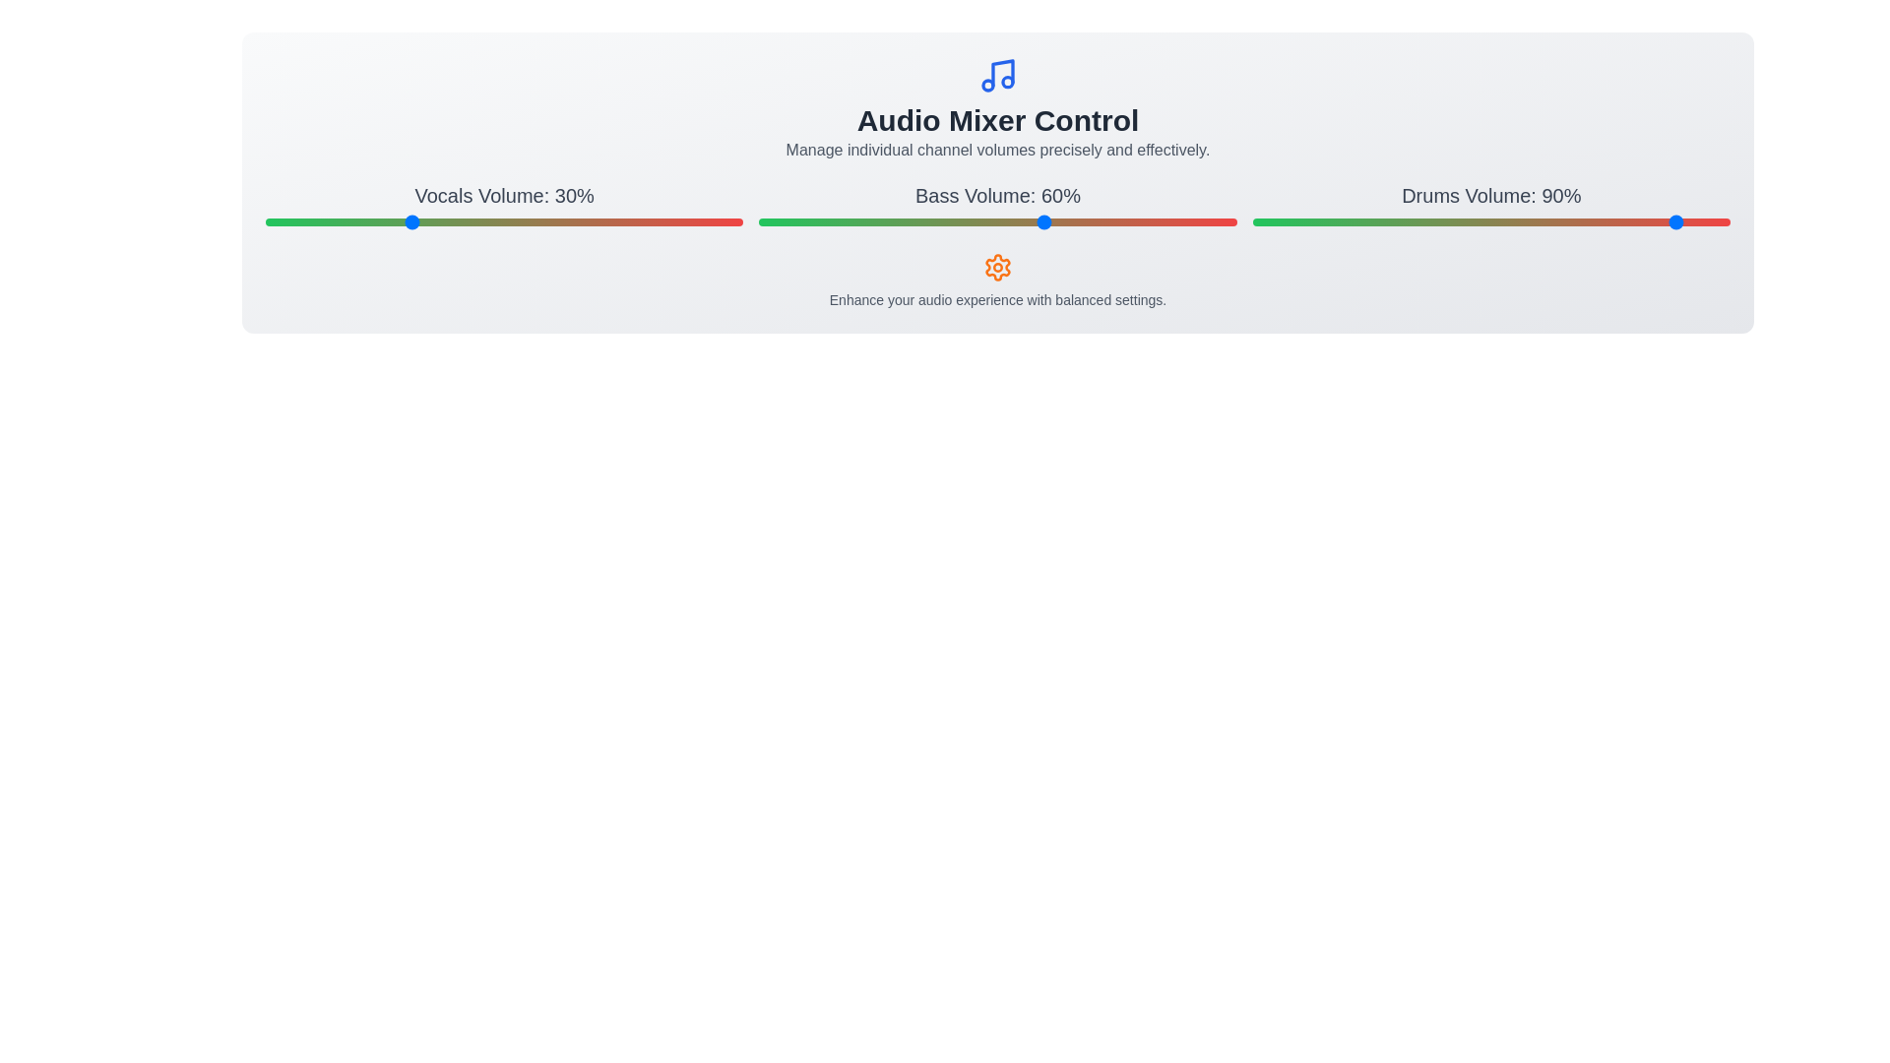 Image resolution: width=1890 pixels, height=1063 pixels. I want to click on the 'Vocals' volume slider to 99%, so click(737, 221).